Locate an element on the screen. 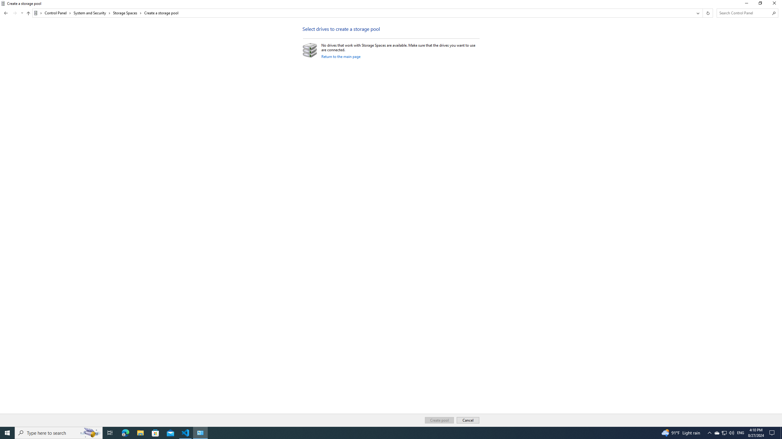 This screenshot has width=782, height=439. 'Up to "Storage Spaces" (Alt + Up Arrow)' is located at coordinates (28, 13).